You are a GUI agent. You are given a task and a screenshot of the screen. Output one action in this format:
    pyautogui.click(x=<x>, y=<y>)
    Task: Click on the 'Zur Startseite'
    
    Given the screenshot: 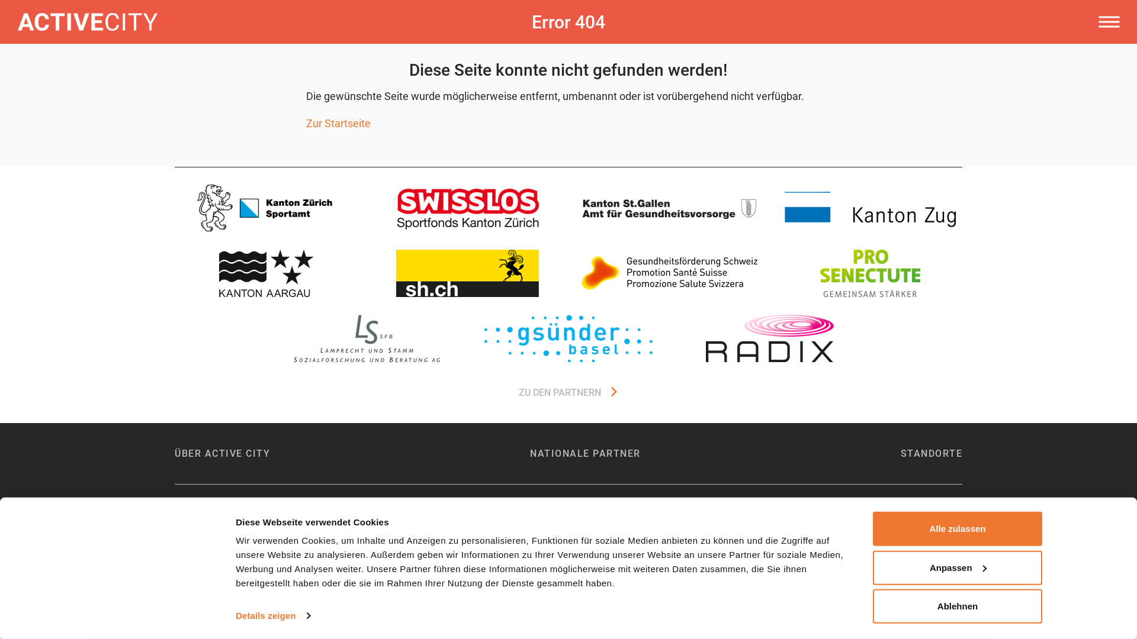 What is the action you would take?
    pyautogui.click(x=338, y=123)
    